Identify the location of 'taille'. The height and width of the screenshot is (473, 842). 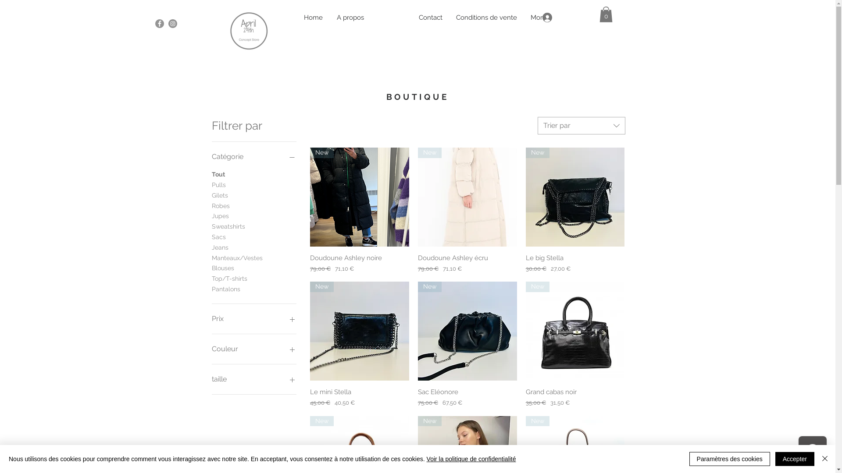
(253, 379).